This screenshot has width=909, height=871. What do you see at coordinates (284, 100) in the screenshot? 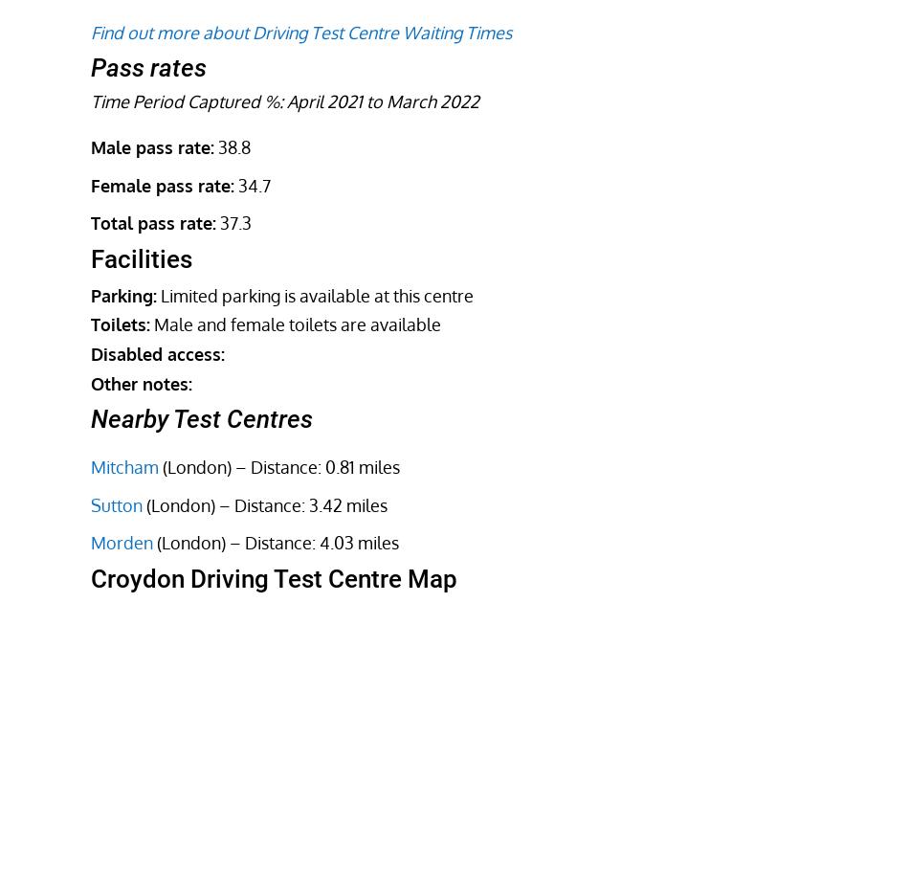
I see `'Time Period Captured %: April 2021 to March 2022'` at bounding box center [284, 100].